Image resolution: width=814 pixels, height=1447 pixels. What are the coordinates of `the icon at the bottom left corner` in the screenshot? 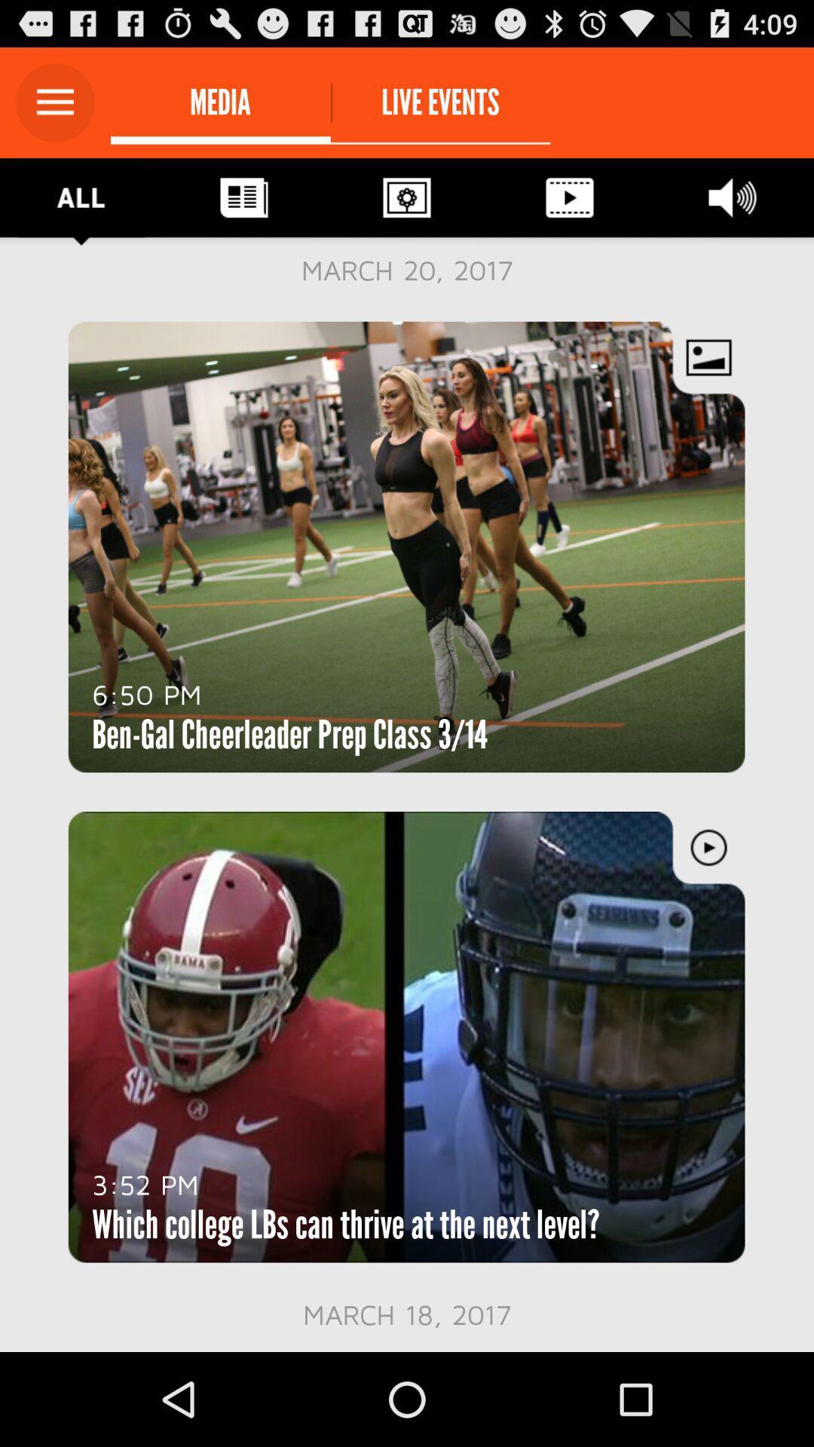 It's located at (145, 1183).